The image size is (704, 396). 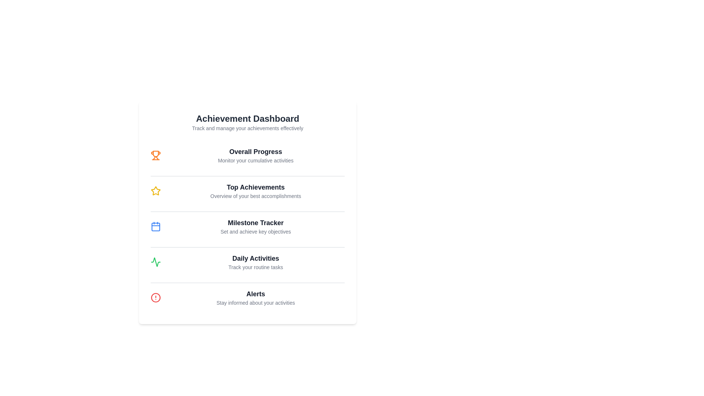 I want to click on text displayed in the Textual Information section located under the Achievement Dashboard header, positioned to the right of the orange trophy icon, so click(x=256, y=155).